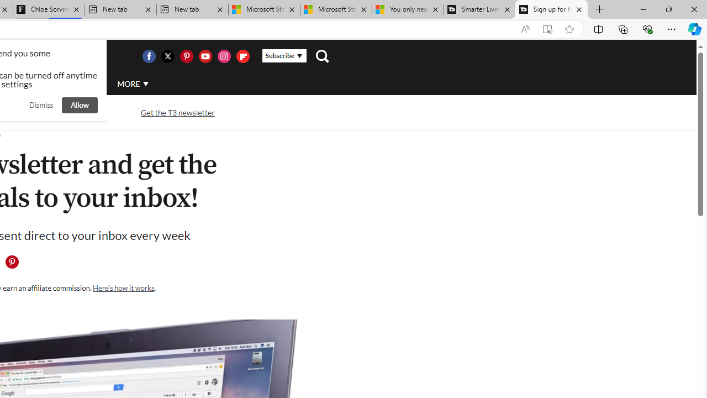 This screenshot has height=398, width=707. What do you see at coordinates (41, 105) in the screenshot?
I see `'Dismiss'` at bounding box center [41, 105].